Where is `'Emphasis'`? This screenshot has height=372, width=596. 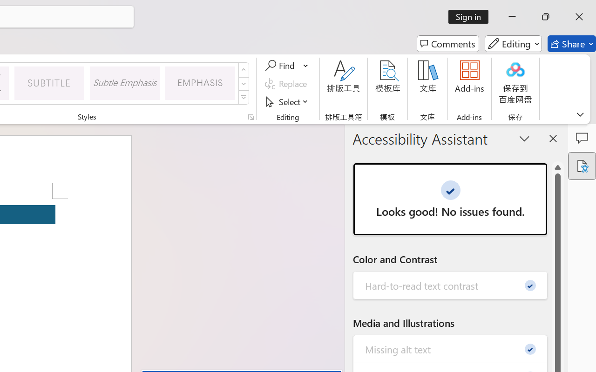
'Emphasis' is located at coordinates (200, 82).